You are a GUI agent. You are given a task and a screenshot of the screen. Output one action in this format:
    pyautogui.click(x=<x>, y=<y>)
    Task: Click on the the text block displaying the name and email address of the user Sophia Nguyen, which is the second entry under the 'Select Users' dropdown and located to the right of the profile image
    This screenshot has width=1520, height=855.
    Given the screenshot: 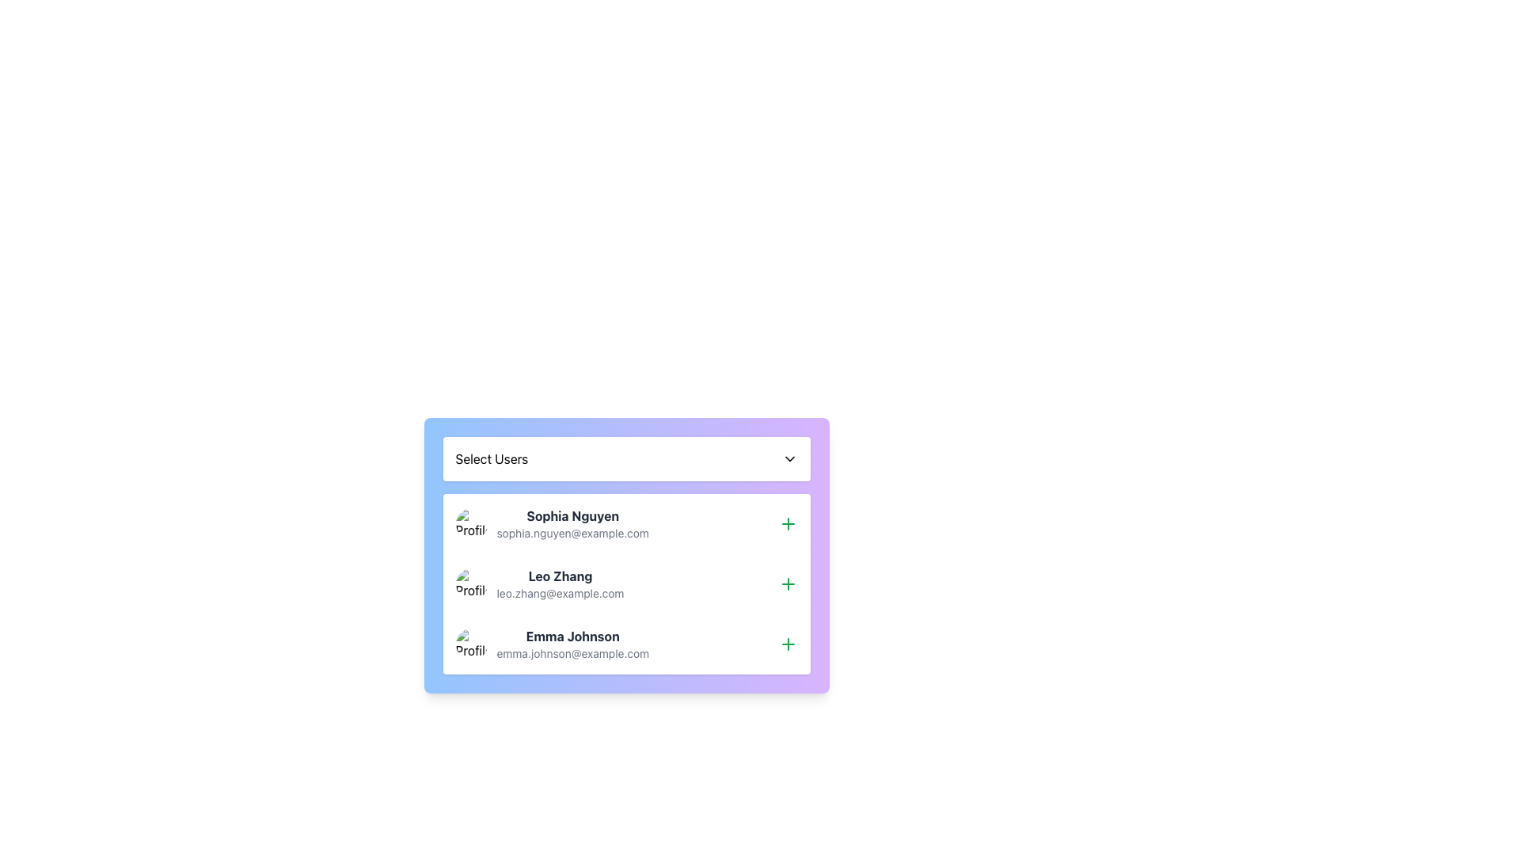 What is the action you would take?
    pyautogui.click(x=572, y=524)
    